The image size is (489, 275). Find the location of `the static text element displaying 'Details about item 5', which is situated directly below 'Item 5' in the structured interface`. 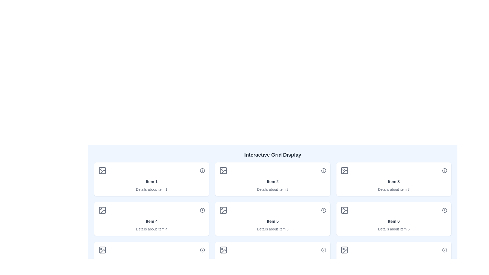

the static text element displaying 'Details about item 5', which is situated directly below 'Item 5' in the structured interface is located at coordinates (272, 229).